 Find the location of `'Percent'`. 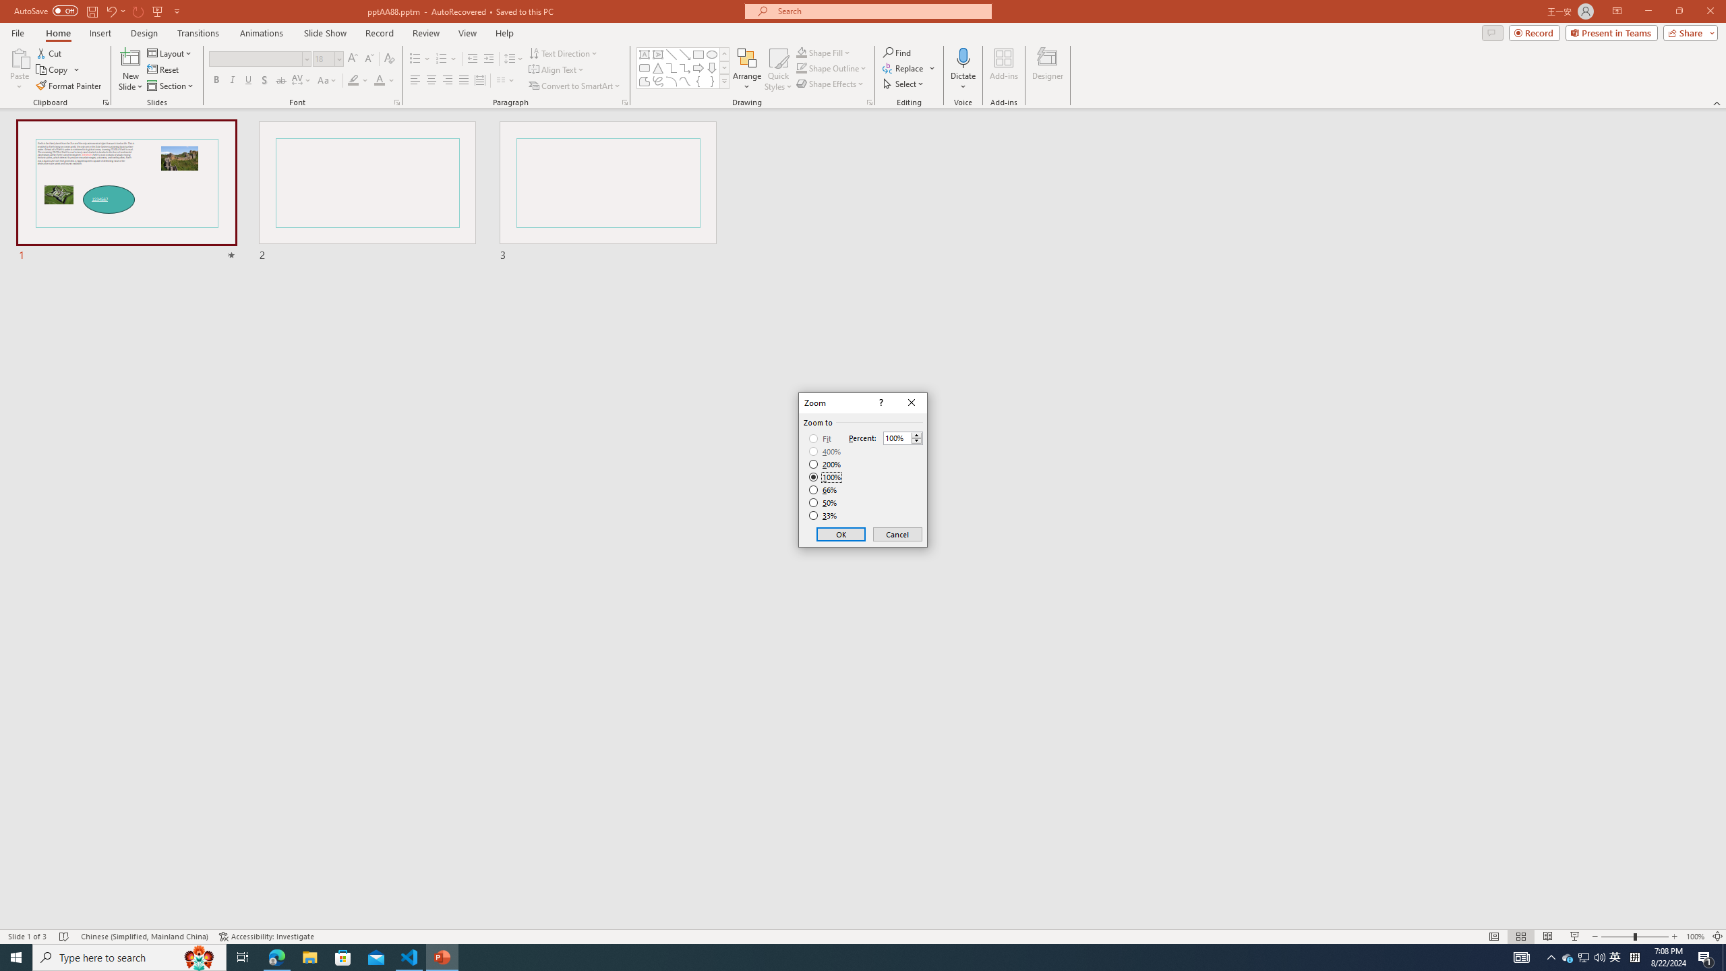

'Percent' is located at coordinates (897, 438).